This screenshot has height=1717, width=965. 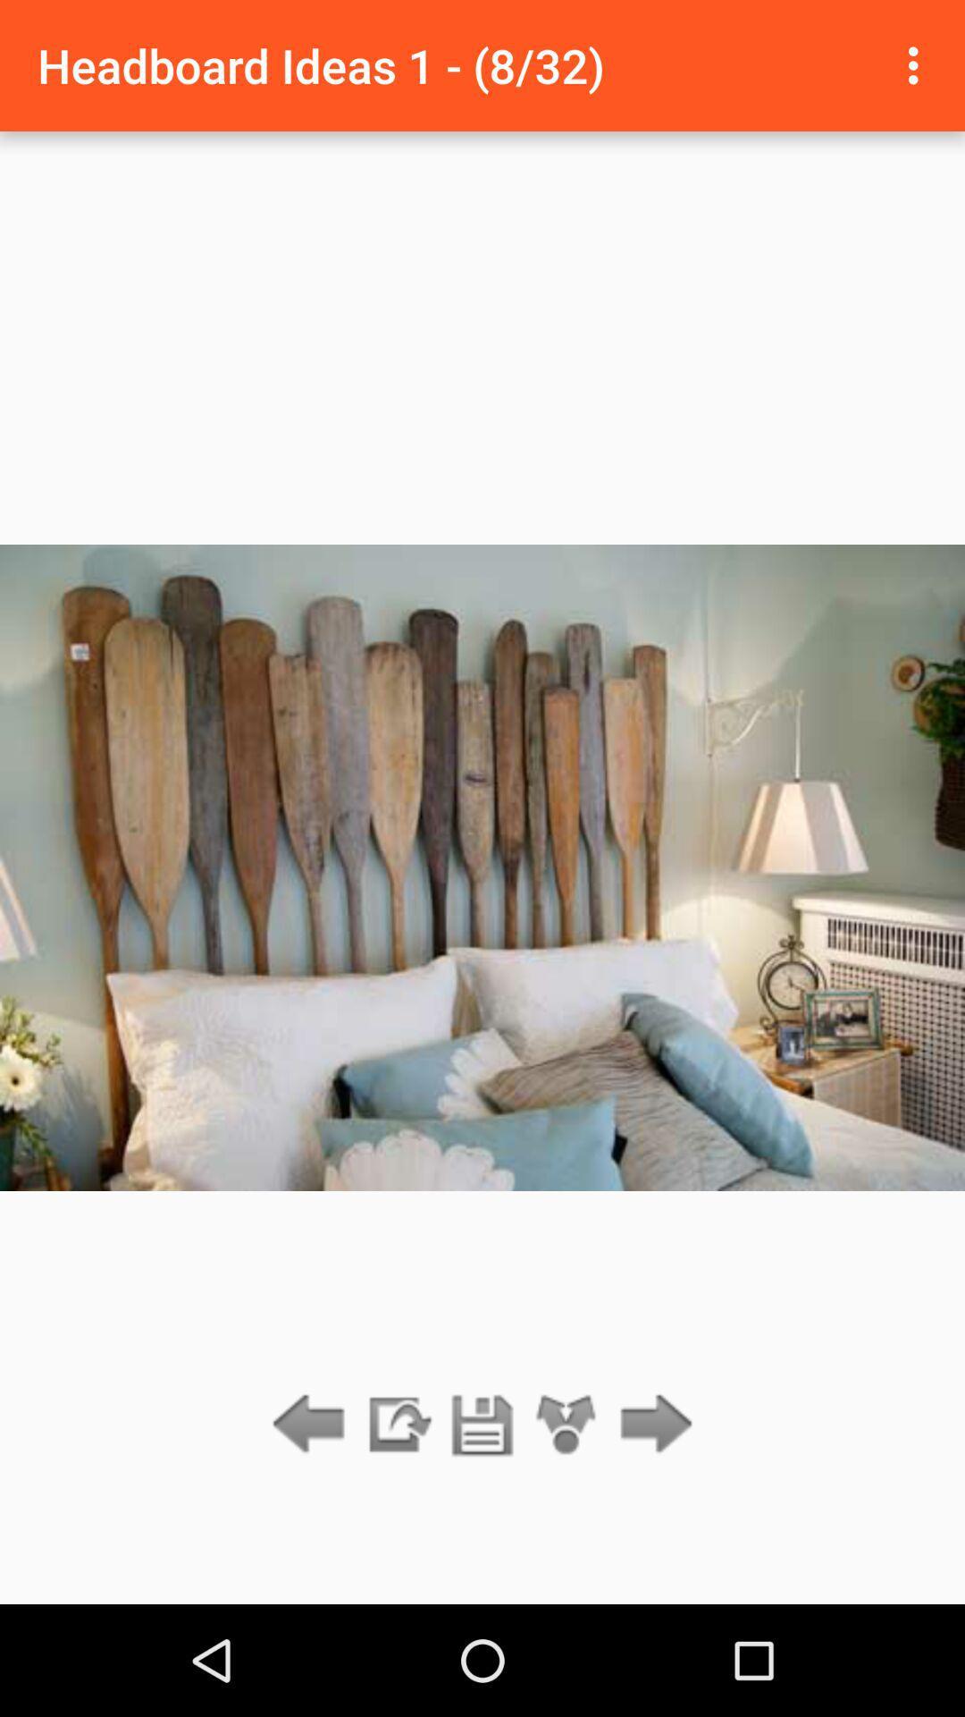 I want to click on file, so click(x=482, y=1425).